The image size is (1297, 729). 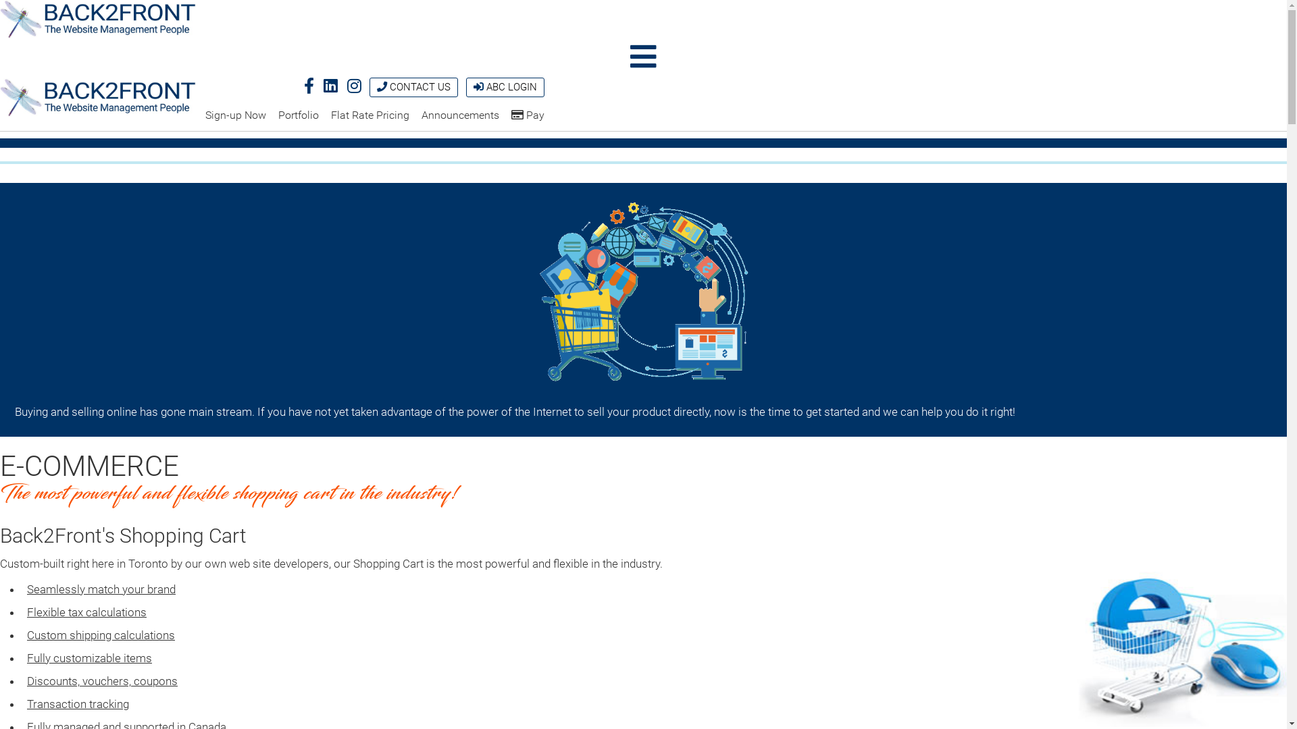 What do you see at coordinates (505, 87) in the screenshot?
I see `'ABC LOGIN'` at bounding box center [505, 87].